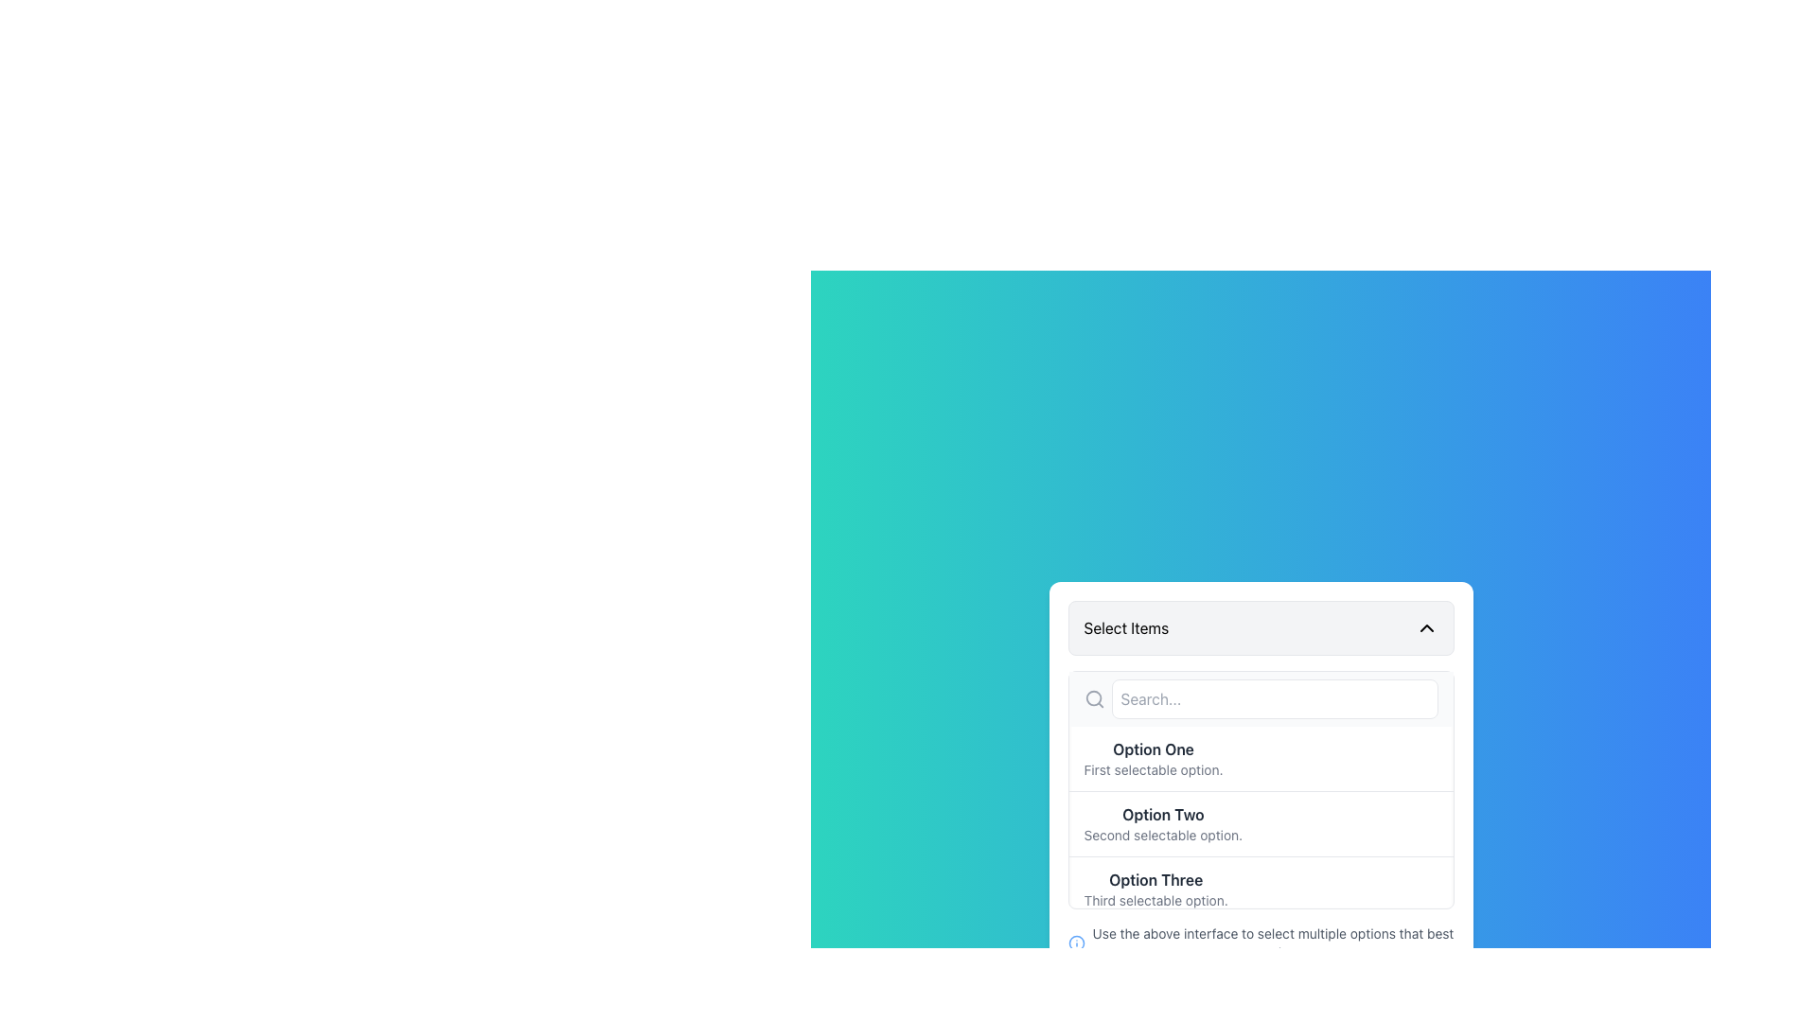 The width and height of the screenshot is (1817, 1022). I want to click on the 'Option Two' label text, which is styled in bold dark gray and positioned in the middle of the selectable items in the 'Select Items' dropdown, directly below 'Option One', so click(1162, 813).